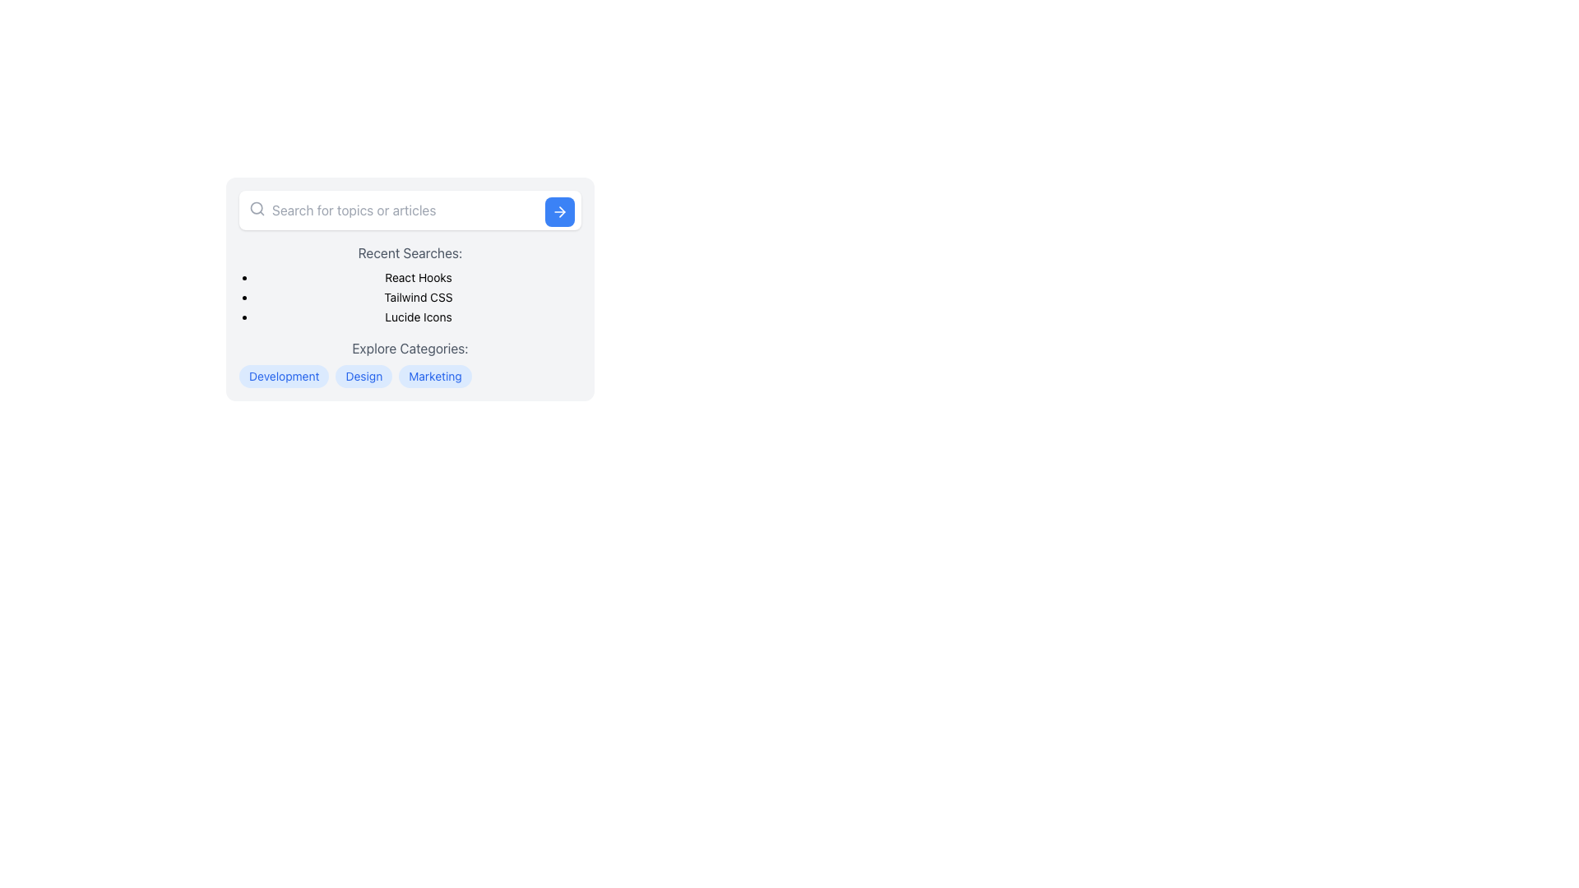 The image size is (1579, 888). Describe the element at coordinates (410, 348) in the screenshot. I see `the text label reading 'Explore Categories:' which is styled with a gray font and positioned in the lower half of the panel above the category tags` at that location.